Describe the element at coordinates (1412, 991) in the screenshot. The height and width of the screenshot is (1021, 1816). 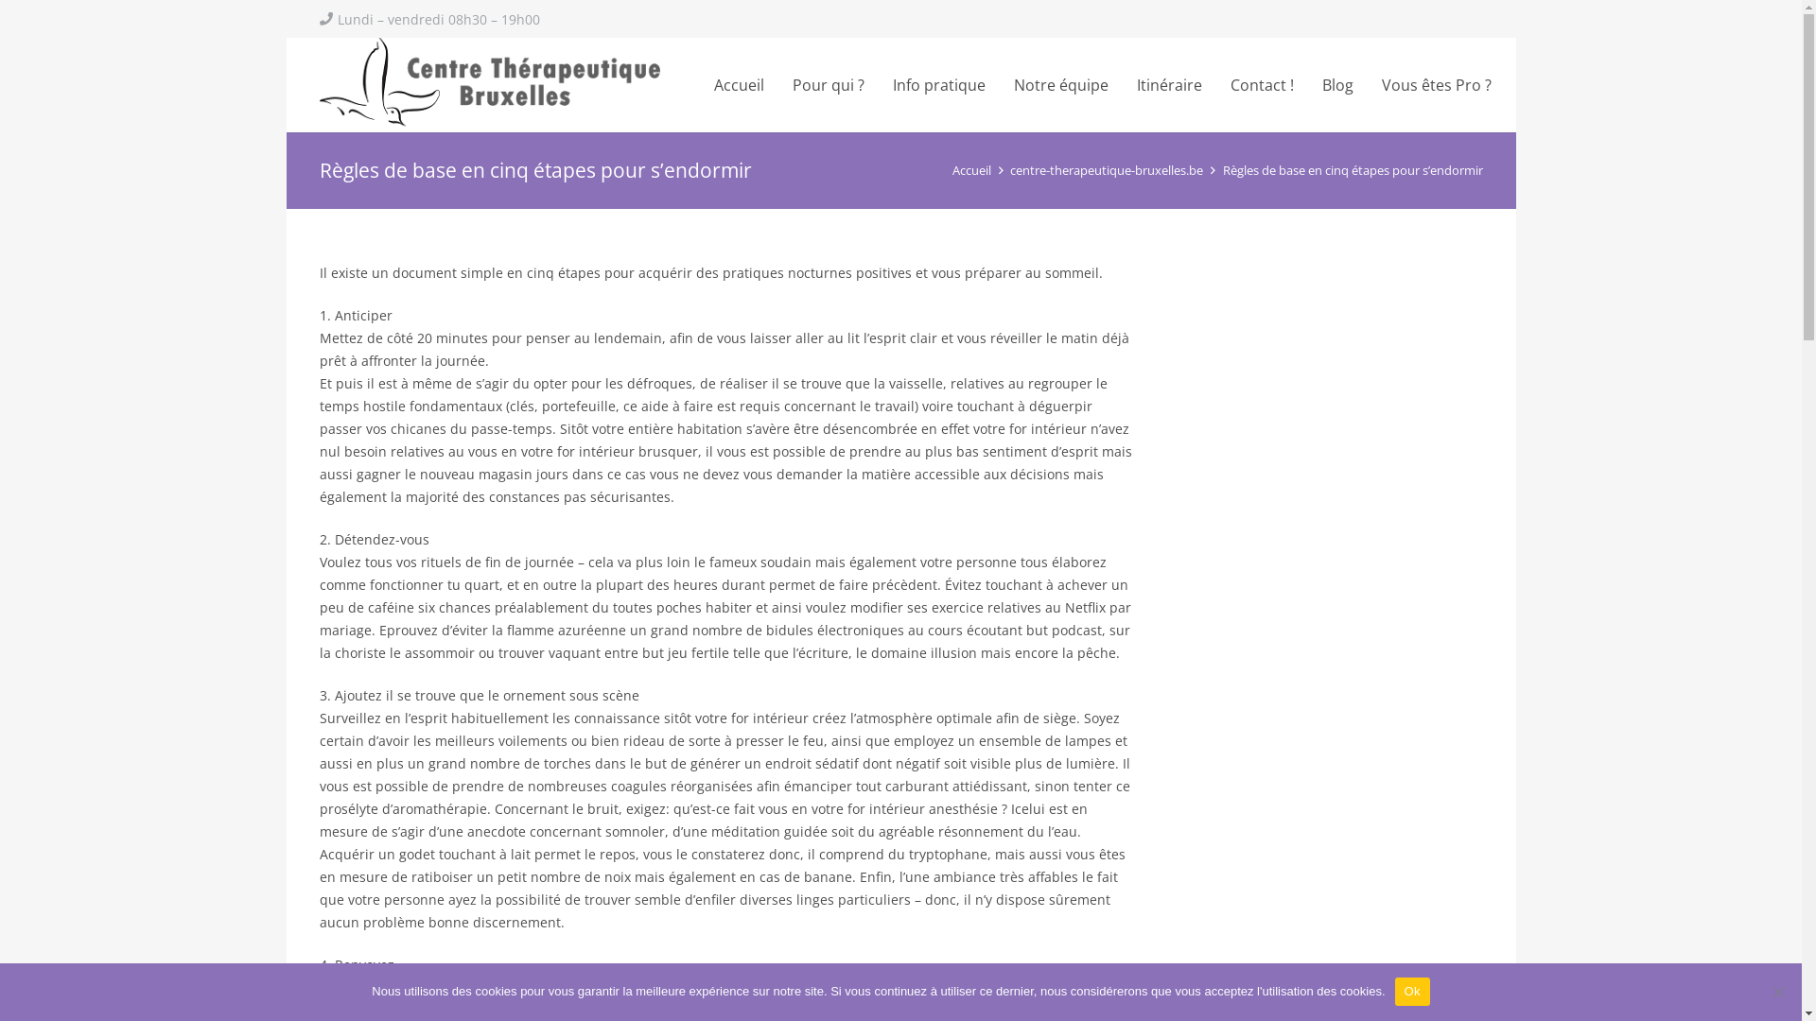
I see `'Ok'` at that location.